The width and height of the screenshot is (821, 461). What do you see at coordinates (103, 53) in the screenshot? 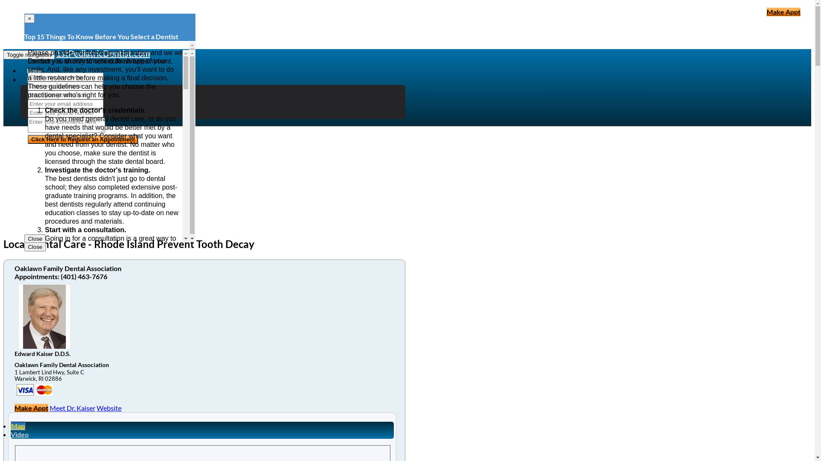
I see `'1stPediatricDentist.com'` at bounding box center [103, 53].